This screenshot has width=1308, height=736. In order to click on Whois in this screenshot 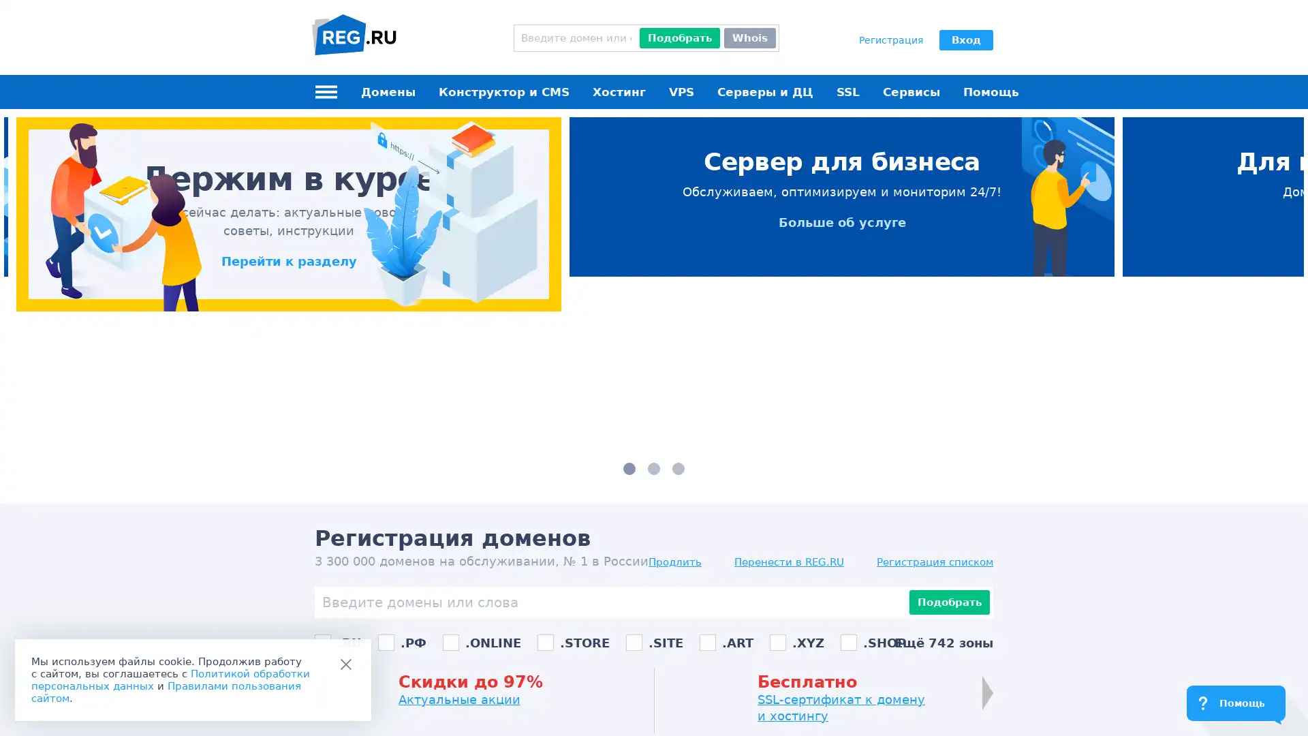, I will do `click(749, 37)`.